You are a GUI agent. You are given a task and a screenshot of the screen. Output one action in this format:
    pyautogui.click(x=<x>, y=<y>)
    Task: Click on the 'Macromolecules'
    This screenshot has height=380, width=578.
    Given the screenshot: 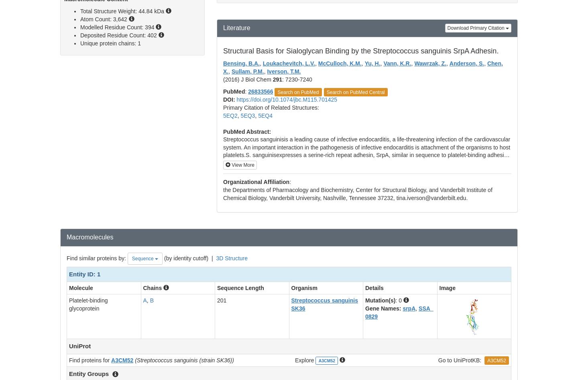 What is the action you would take?
    pyautogui.click(x=90, y=236)
    